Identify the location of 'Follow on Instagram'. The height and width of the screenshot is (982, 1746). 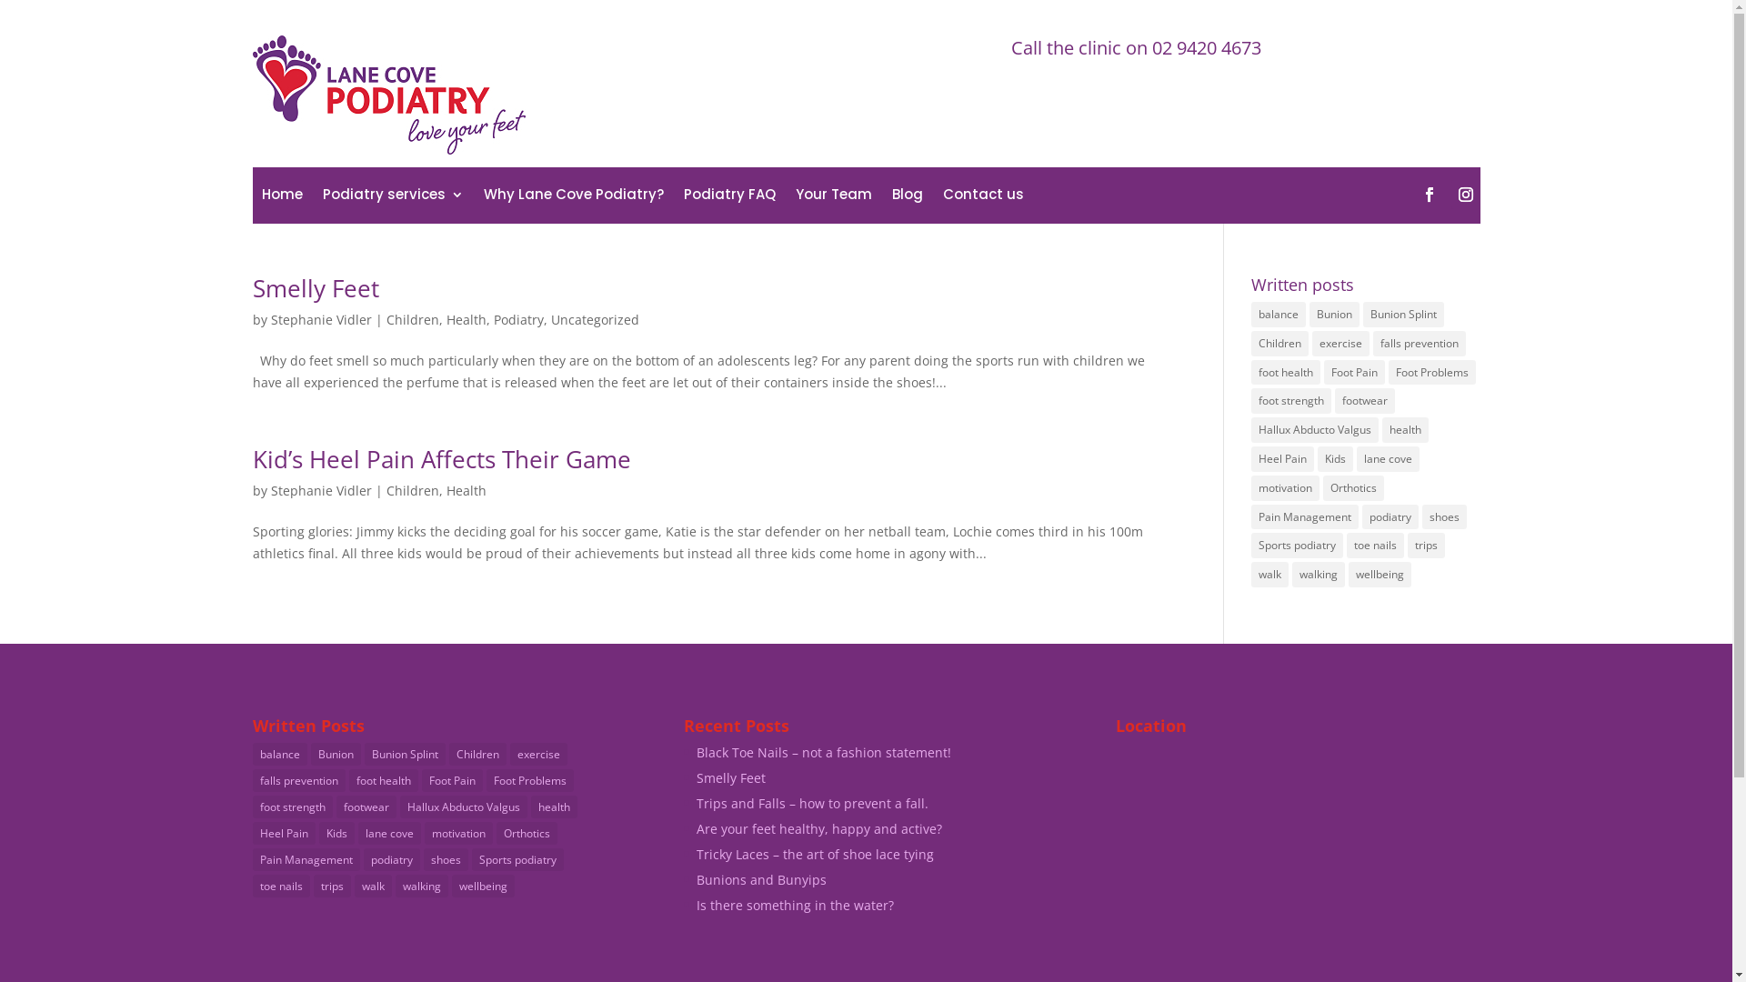
(1466, 194).